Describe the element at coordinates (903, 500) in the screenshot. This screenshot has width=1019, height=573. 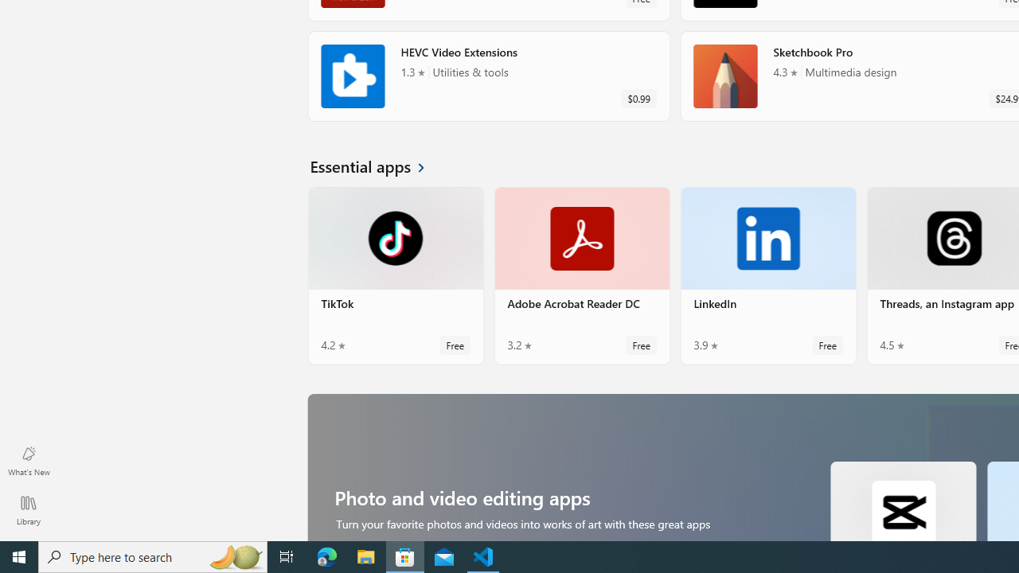
I see `'CapCut. Average rating of 4.7 out of five stars. Free  '` at that location.